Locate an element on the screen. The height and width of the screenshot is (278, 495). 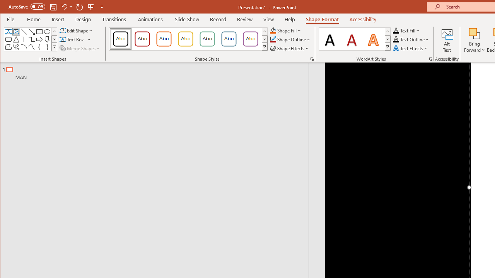
'AutomationID: ShapeStylesGallery' is located at coordinates (189, 39).